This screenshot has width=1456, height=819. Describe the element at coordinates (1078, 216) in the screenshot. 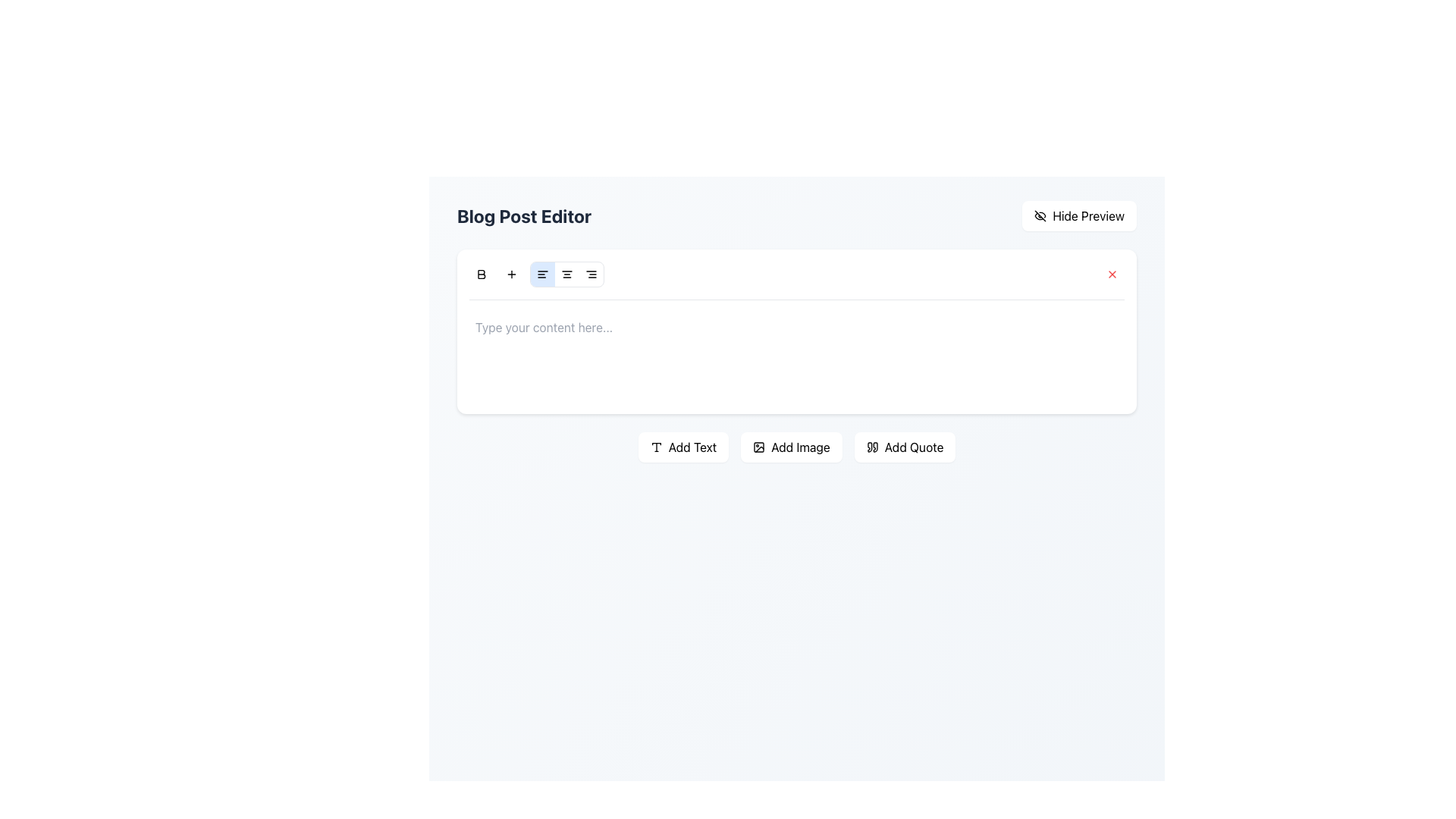

I see `the button that toggles the visibility of the preview pane, located at the top right corner of the interface` at that location.